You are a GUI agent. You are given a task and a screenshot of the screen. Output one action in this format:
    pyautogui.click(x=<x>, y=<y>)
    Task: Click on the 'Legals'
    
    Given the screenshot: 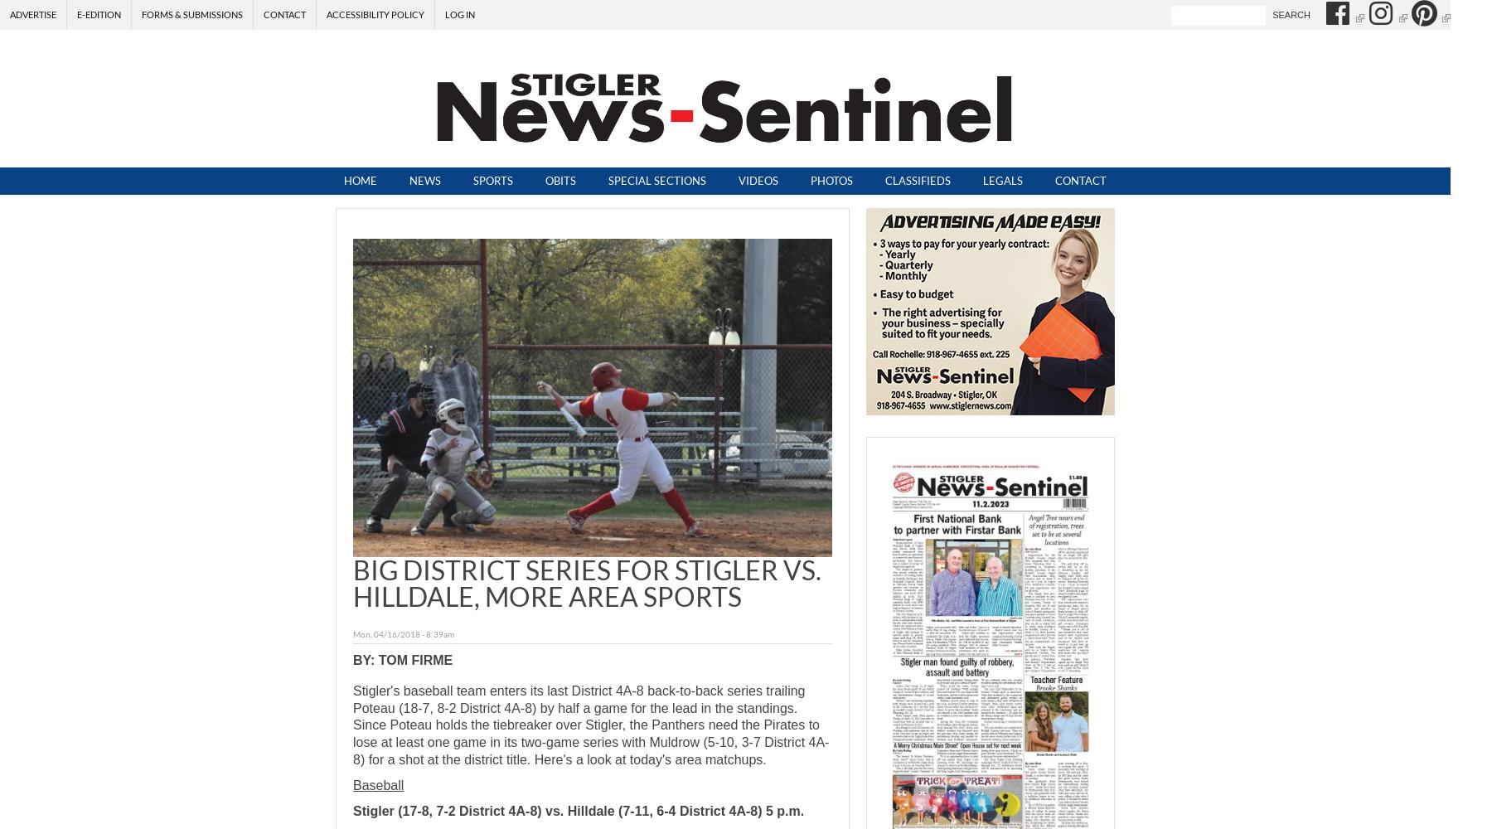 What is the action you would take?
    pyautogui.click(x=1001, y=180)
    